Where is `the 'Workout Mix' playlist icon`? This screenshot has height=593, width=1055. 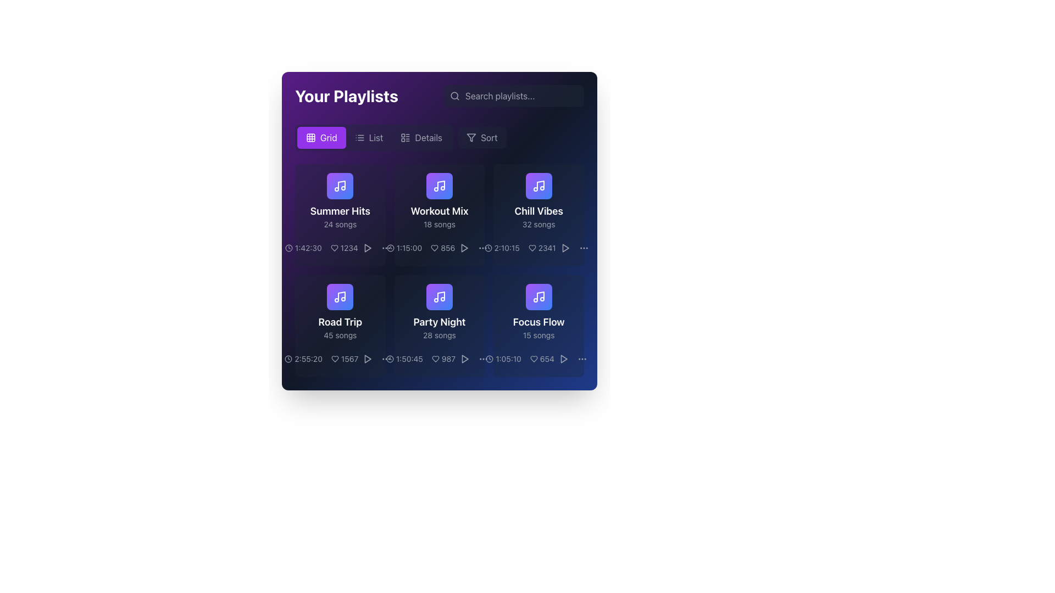
the 'Workout Mix' playlist icon is located at coordinates (440, 186).